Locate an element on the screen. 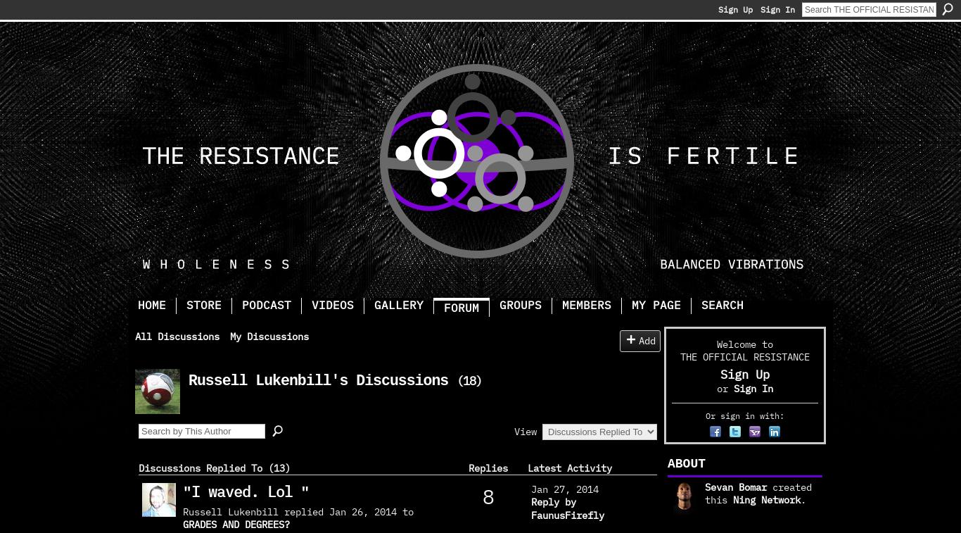 The width and height of the screenshot is (961, 533). '.' is located at coordinates (803, 499).